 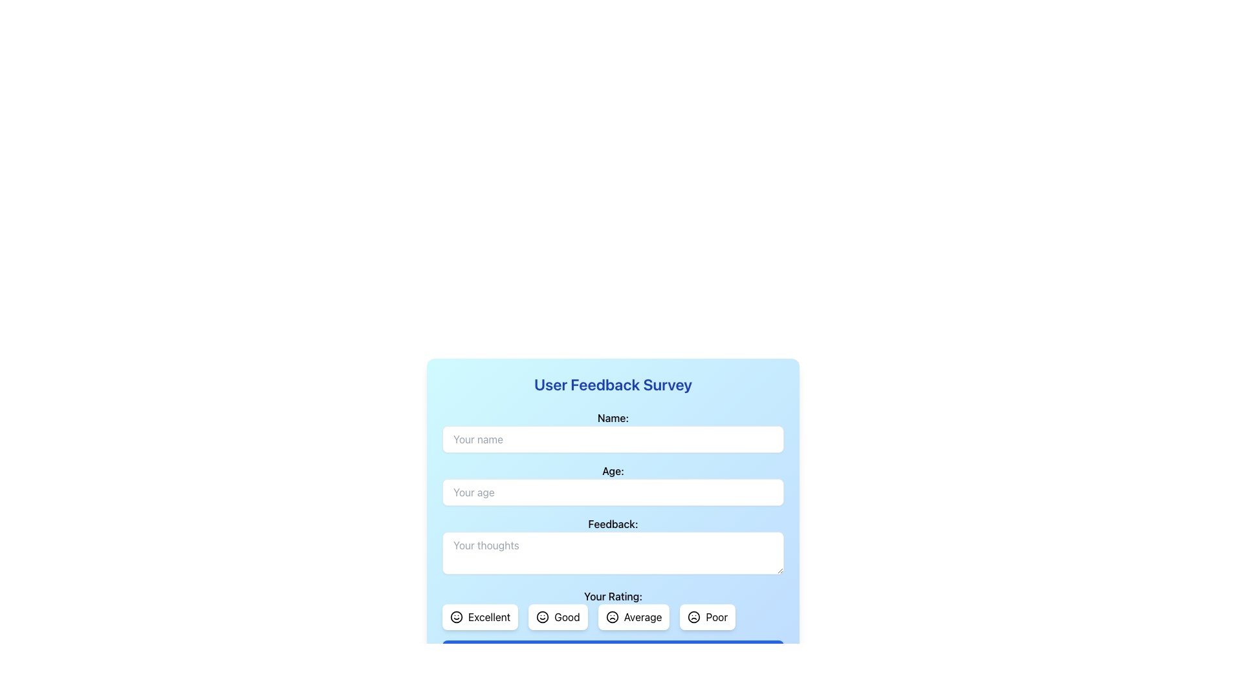 I want to click on the text heading labeled 'User Feedback Survey', which is centrally aligned and styled in a large, bold blue font within a cyan to blue gradient background, so click(x=613, y=383).